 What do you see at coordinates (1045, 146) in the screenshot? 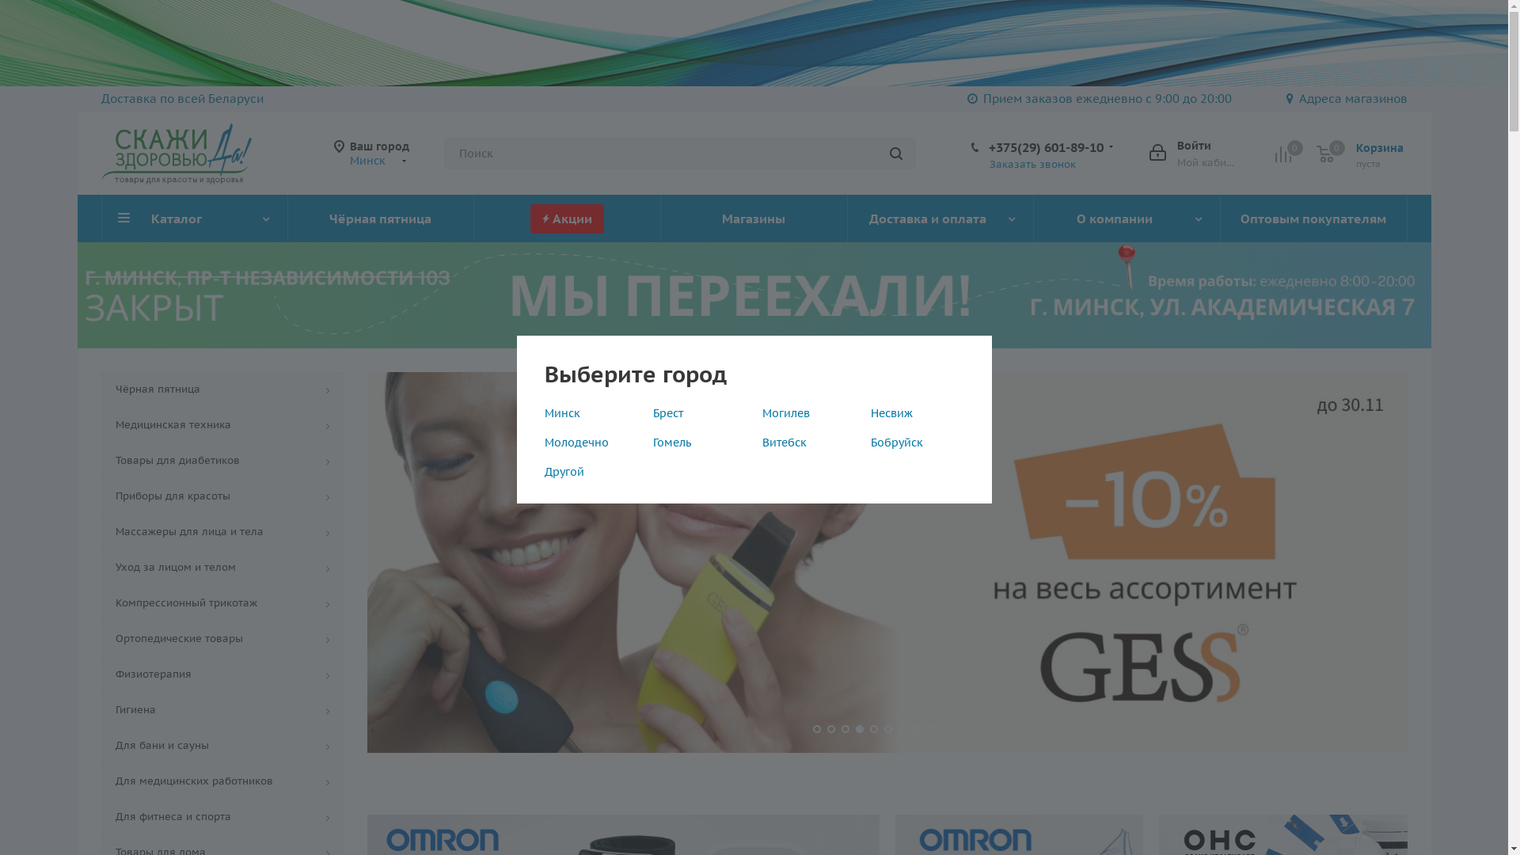
I see `'+375(29) 601-89-10'` at bounding box center [1045, 146].